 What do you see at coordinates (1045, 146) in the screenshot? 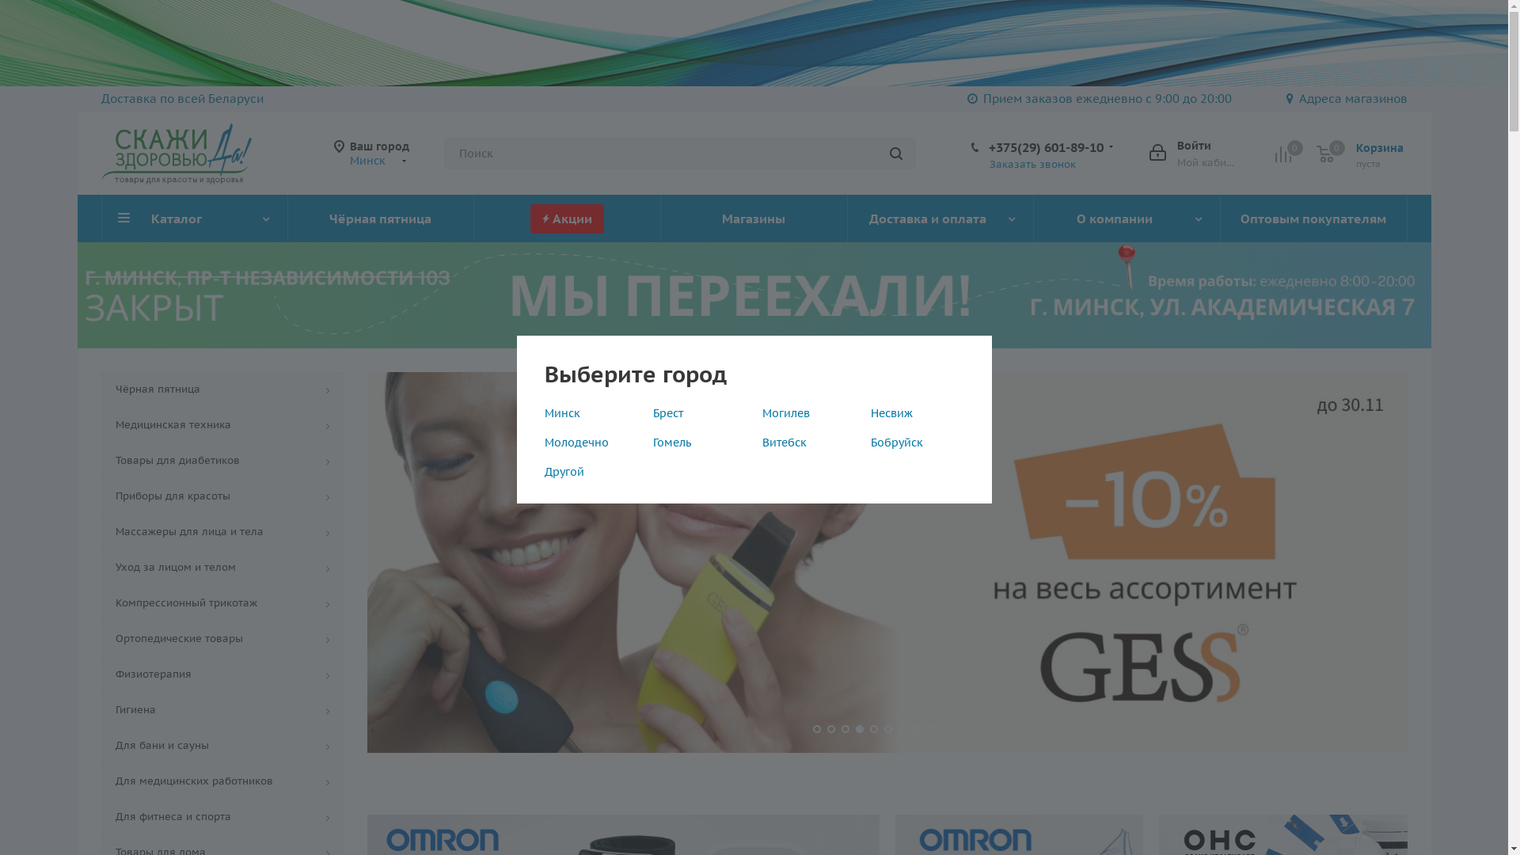
I see `'+375(29) 601-89-10'` at bounding box center [1045, 146].